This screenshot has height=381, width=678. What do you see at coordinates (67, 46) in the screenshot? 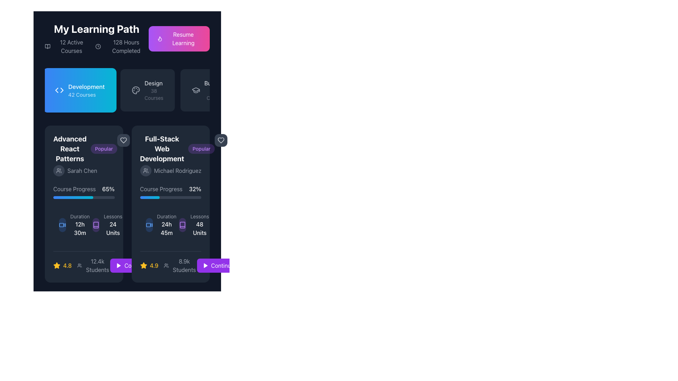
I see `information displayed in the text element that shows '12 Active Courses' with an icon resembling an open book, located prominently in the upper segment of the visible content` at bounding box center [67, 46].